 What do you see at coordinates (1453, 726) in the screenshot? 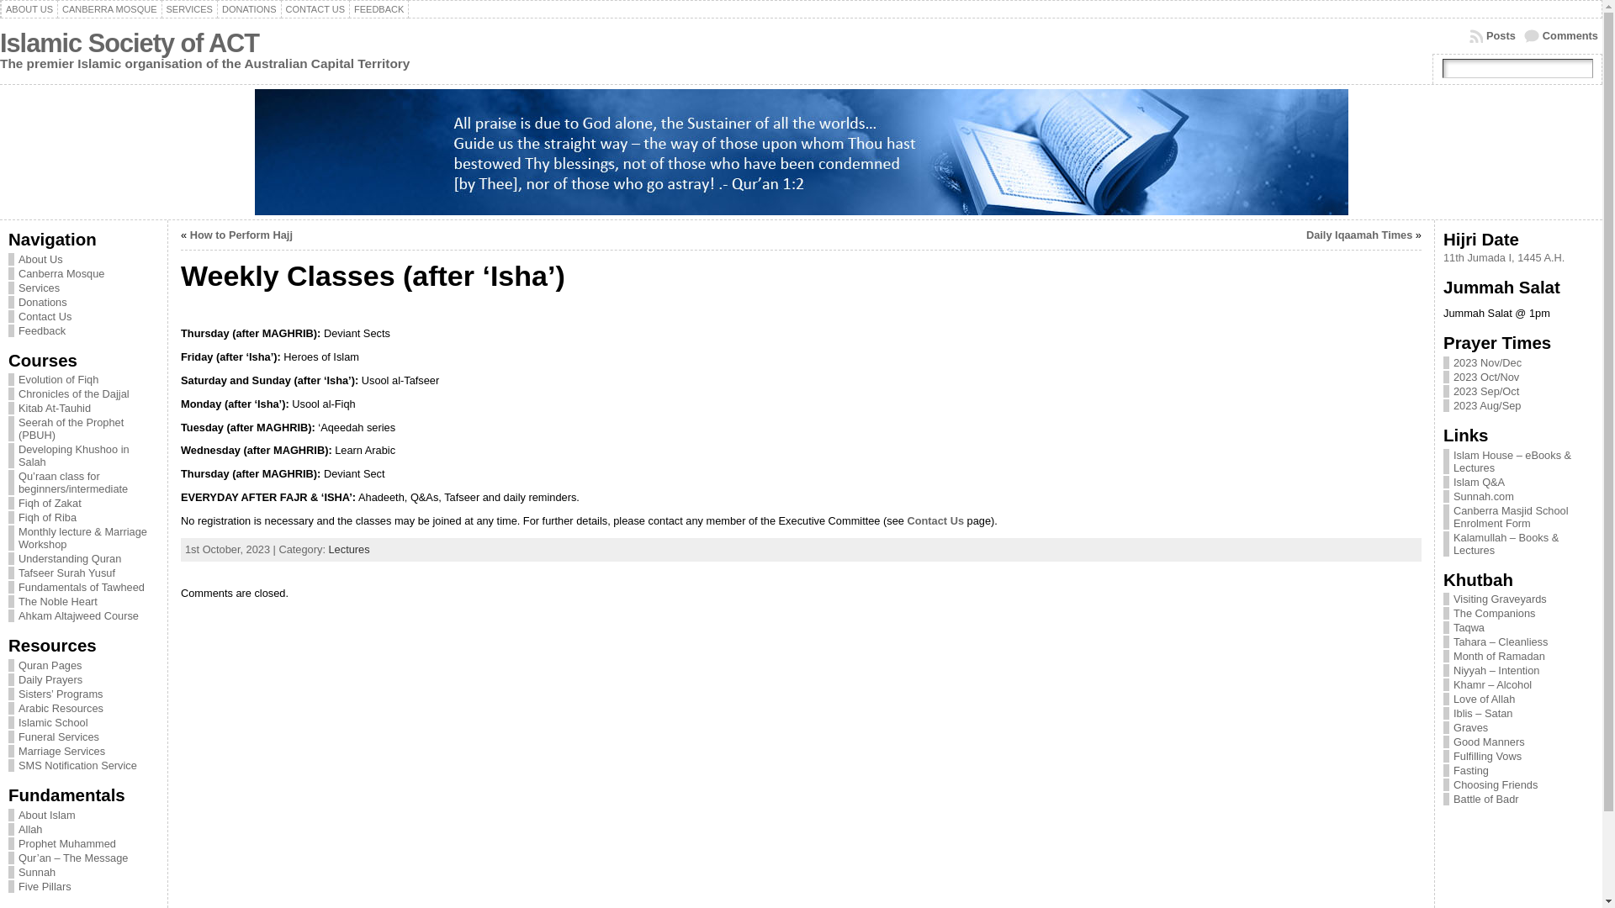
I see `'Graves'` at bounding box center [1453, 726].